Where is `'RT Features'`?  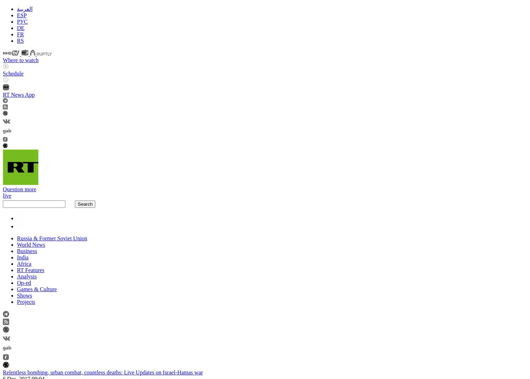 'RT Features' is located at coordinates (30, 269).